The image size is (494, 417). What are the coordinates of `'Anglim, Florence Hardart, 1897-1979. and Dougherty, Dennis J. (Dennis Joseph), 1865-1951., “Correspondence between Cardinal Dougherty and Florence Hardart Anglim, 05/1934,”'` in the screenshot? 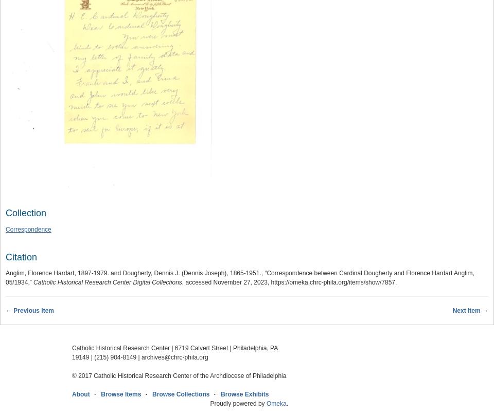 It's located at (5, 278).